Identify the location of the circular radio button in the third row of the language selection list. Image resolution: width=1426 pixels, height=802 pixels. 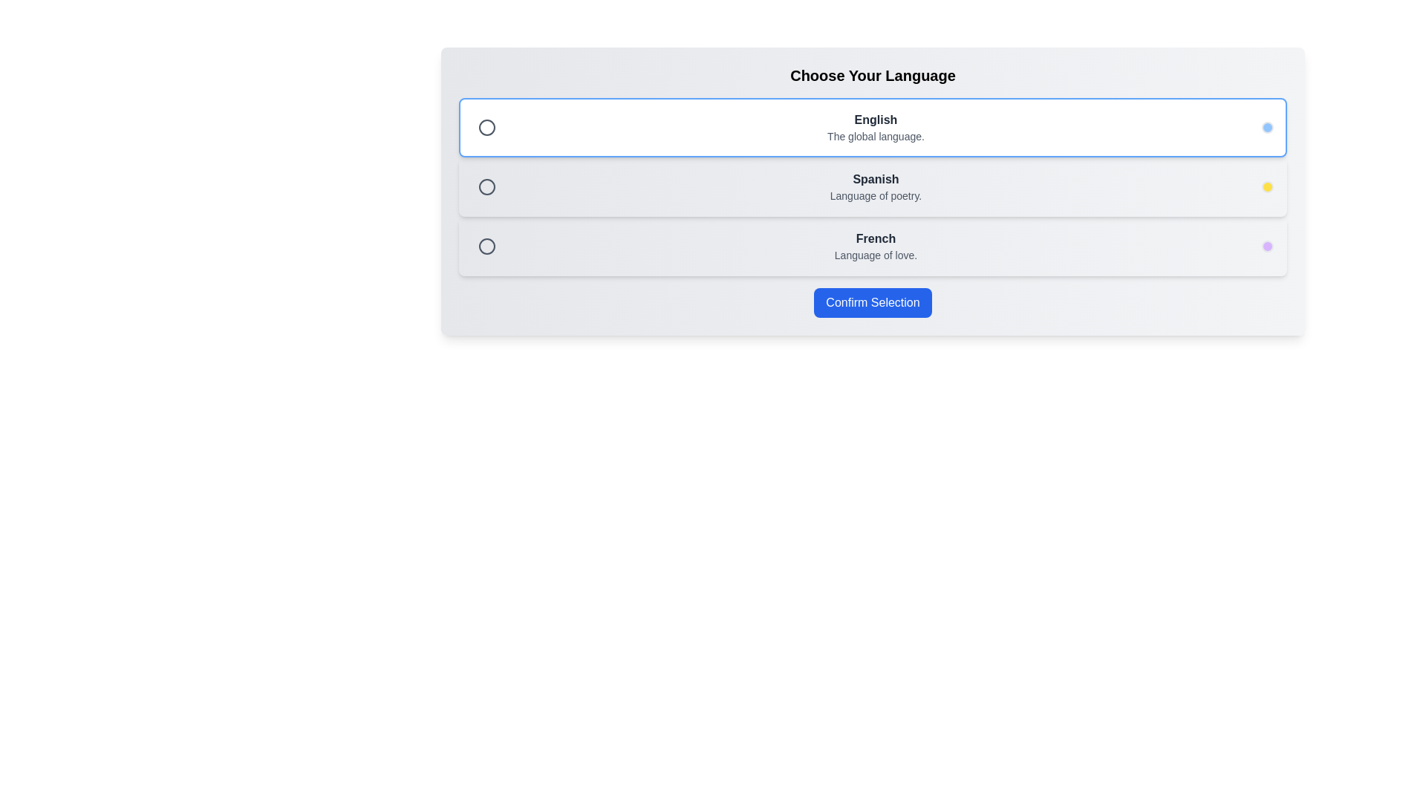
(487, 245).